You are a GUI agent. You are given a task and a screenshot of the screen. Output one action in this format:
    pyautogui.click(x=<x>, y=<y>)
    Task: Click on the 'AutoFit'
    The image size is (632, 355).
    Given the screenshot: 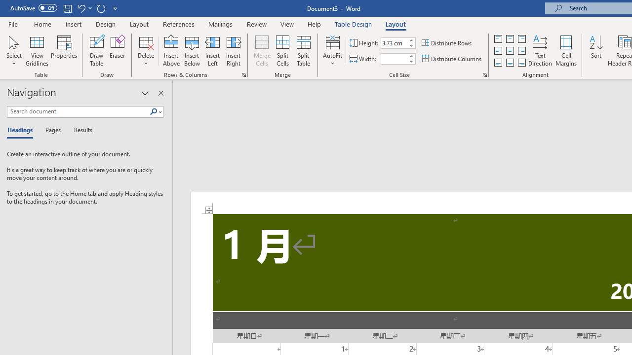 What is the action you would take?
    pyautogui.click(x=332, y=51)
    